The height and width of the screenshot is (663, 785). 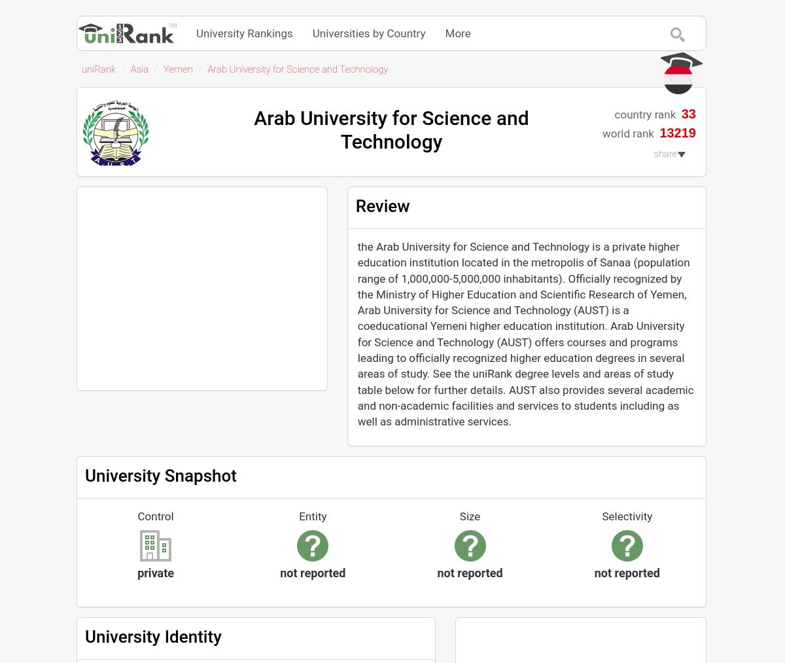 I want to click on 'Control', so click(x=154, y=516).